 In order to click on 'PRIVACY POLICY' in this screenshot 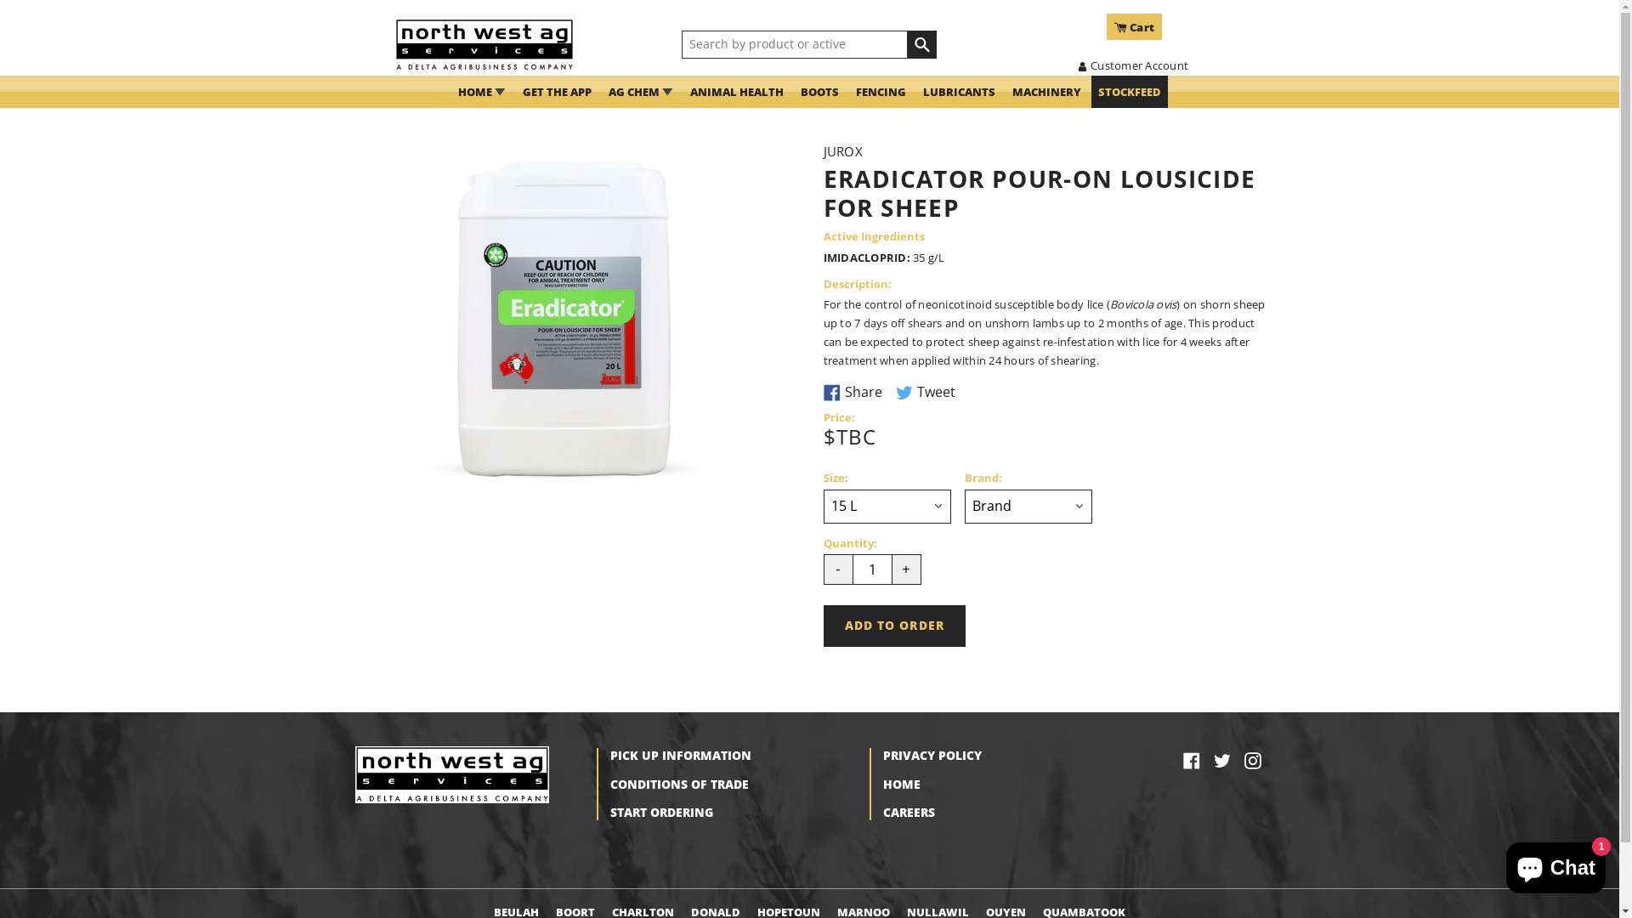, I will do `click(930, 754)`.